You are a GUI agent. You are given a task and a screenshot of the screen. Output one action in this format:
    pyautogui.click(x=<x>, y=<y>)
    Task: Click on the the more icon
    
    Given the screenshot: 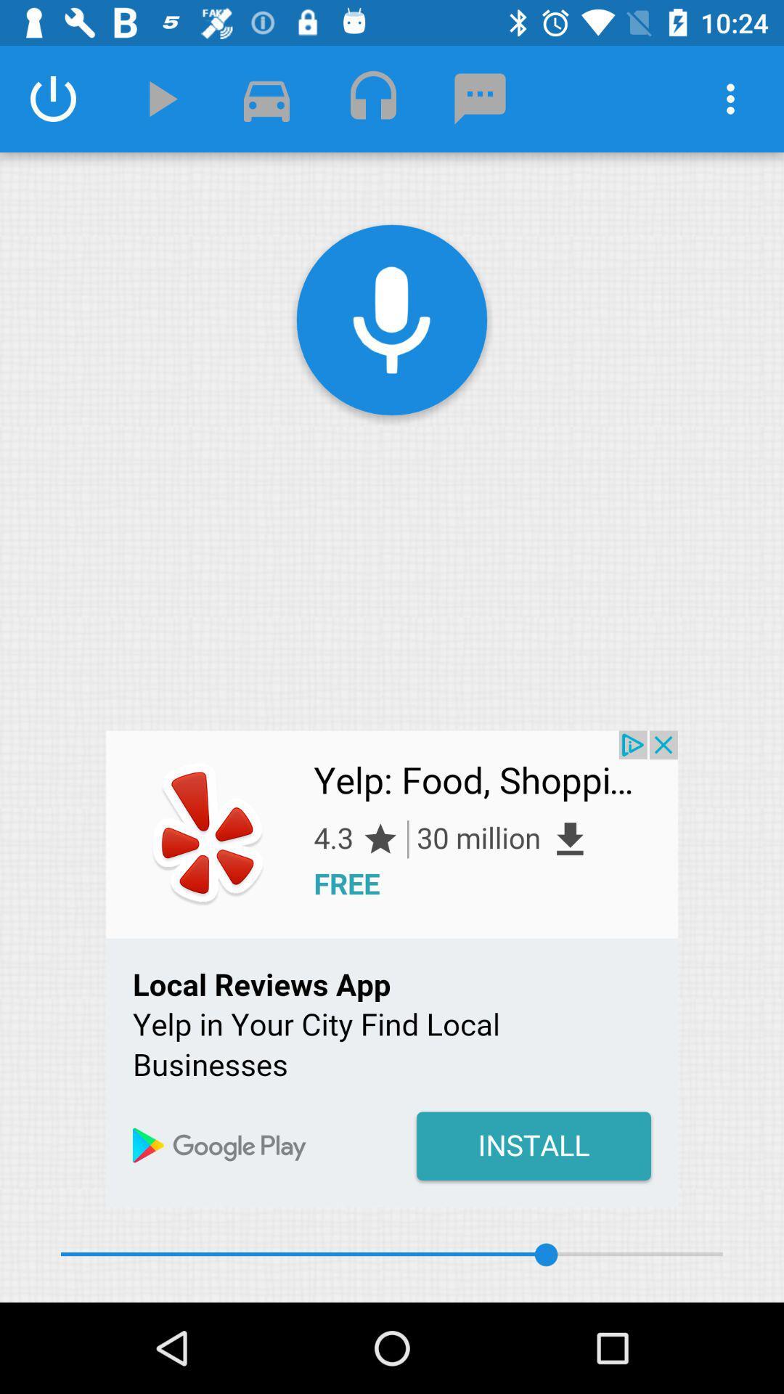 What is the action you would take?
    pyautogui.click(x=730, y=98)
    